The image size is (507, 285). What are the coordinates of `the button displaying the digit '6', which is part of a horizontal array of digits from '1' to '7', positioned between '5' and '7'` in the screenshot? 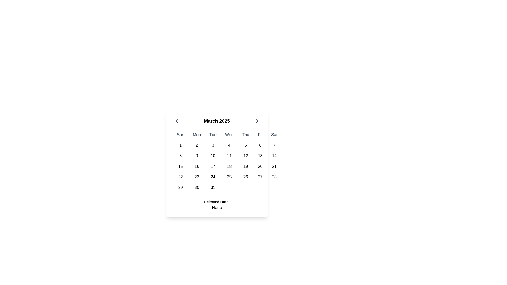 It's located at (260, 145).